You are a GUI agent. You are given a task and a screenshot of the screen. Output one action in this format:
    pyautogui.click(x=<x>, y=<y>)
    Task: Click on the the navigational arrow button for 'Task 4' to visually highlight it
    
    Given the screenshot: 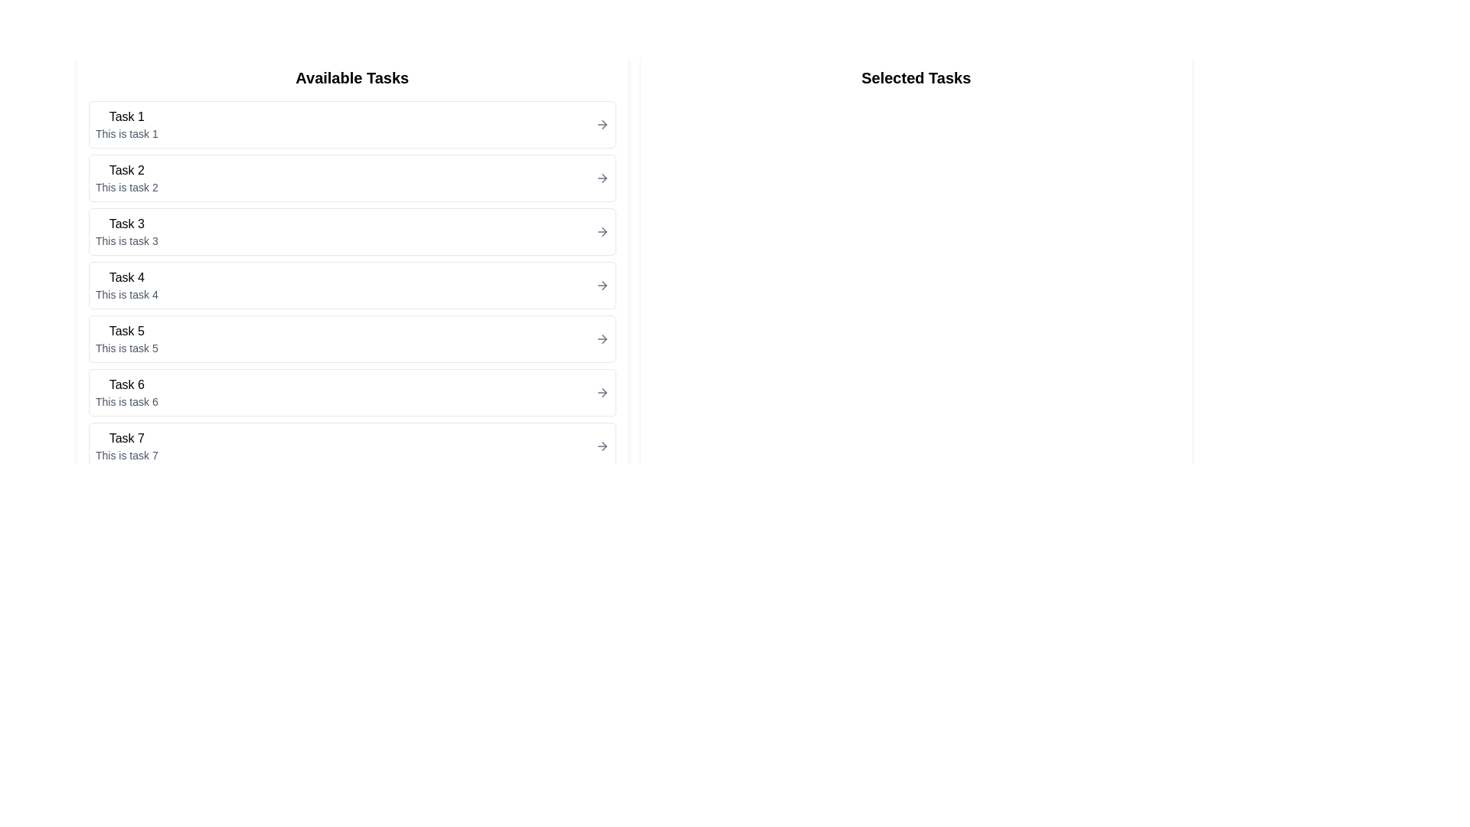 What is the action you would take?
    pyautogui.click(x=601, y=286)
    